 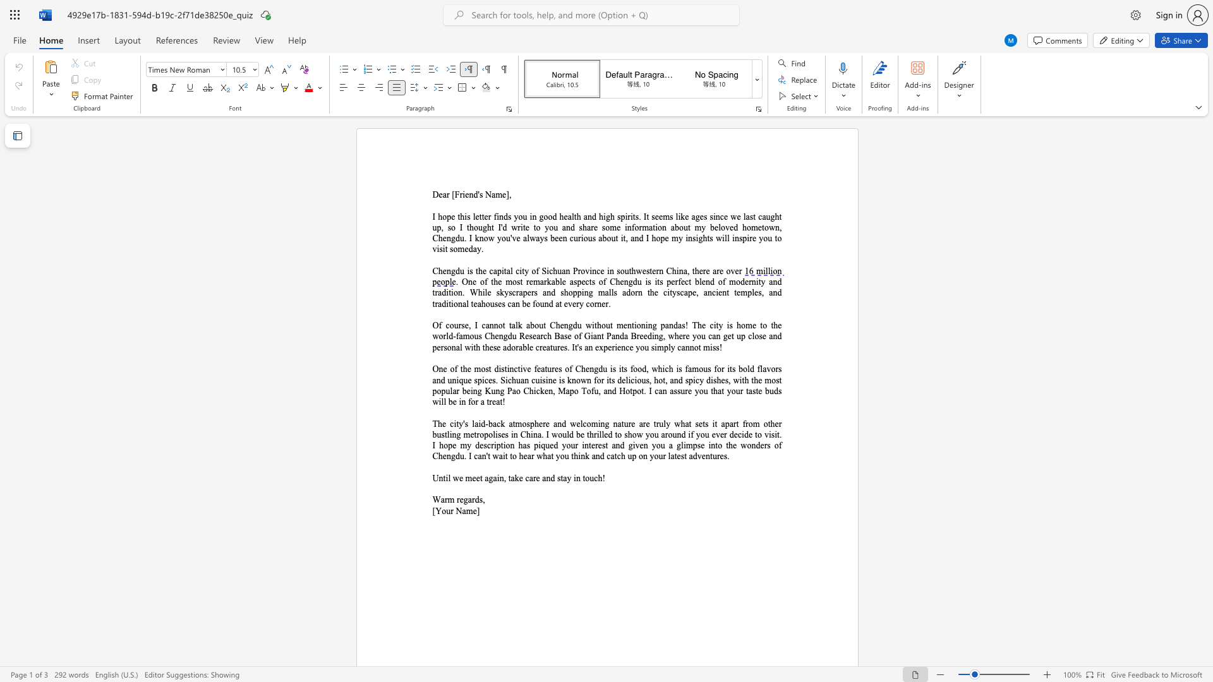 What do you see at coordinates (502, 216) in the screenshot?
I see `the subset text "ds you in good health" within the text "I hope this letter finds you in good health and high spirits. It seems like ages since we last caught up, so I thought"` at bounding box center [502, 216].